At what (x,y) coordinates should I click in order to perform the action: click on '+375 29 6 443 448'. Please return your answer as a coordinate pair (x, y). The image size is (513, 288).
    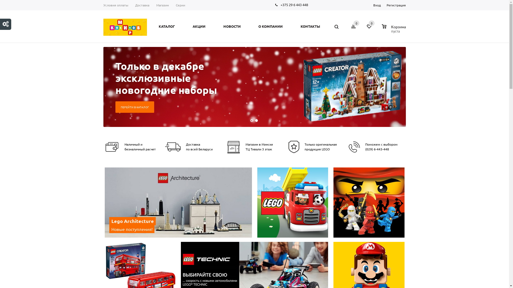
    Looking at the image, I should click on (294, 5).